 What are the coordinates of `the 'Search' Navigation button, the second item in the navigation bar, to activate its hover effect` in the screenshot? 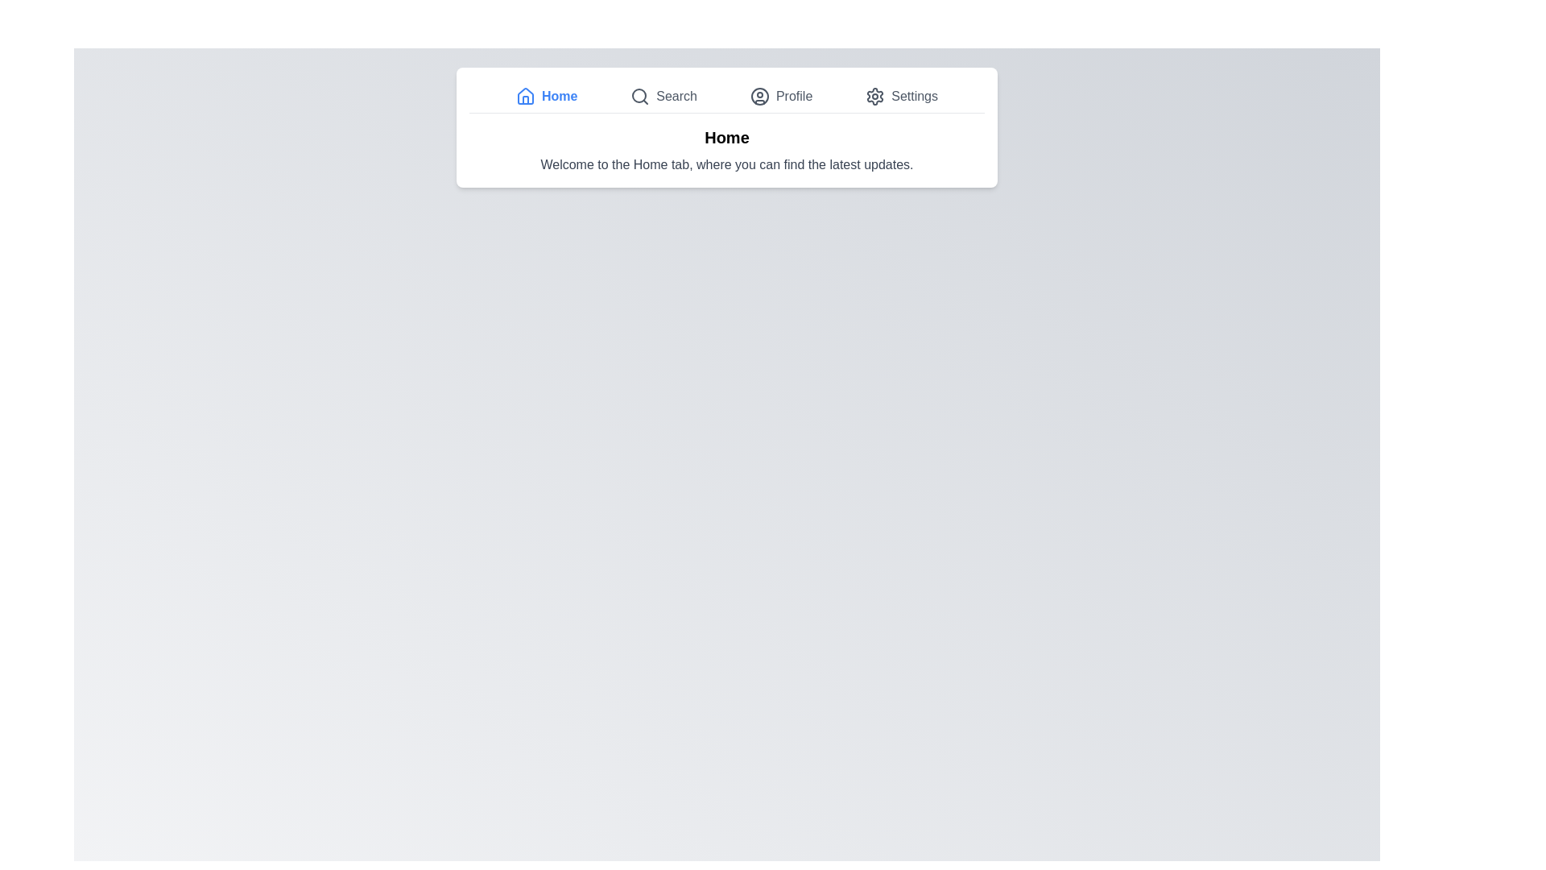 It's located at (663, 96).